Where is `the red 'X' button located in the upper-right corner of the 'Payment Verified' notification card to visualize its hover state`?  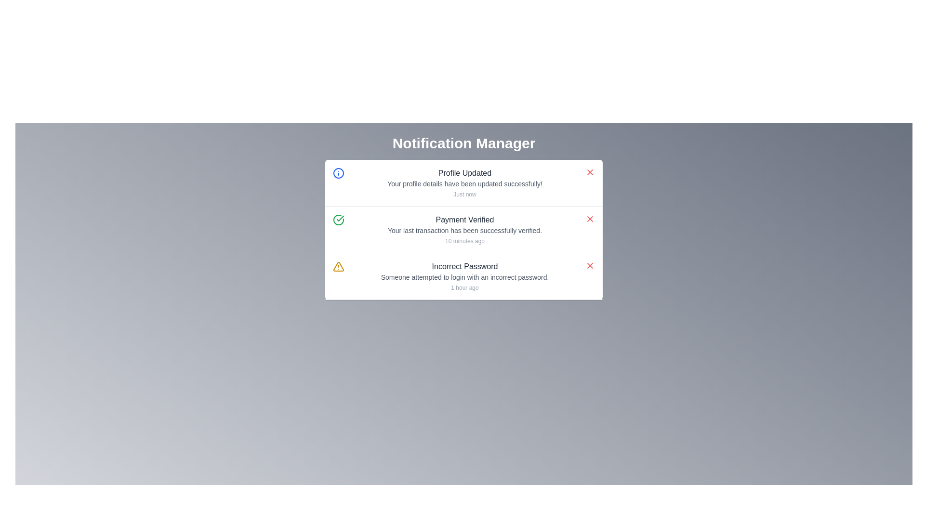
the red 'X' button located in the upper-right corner of the 'Payment Verified' notification card to visualize its hover state is located at coordinates (589, 219).